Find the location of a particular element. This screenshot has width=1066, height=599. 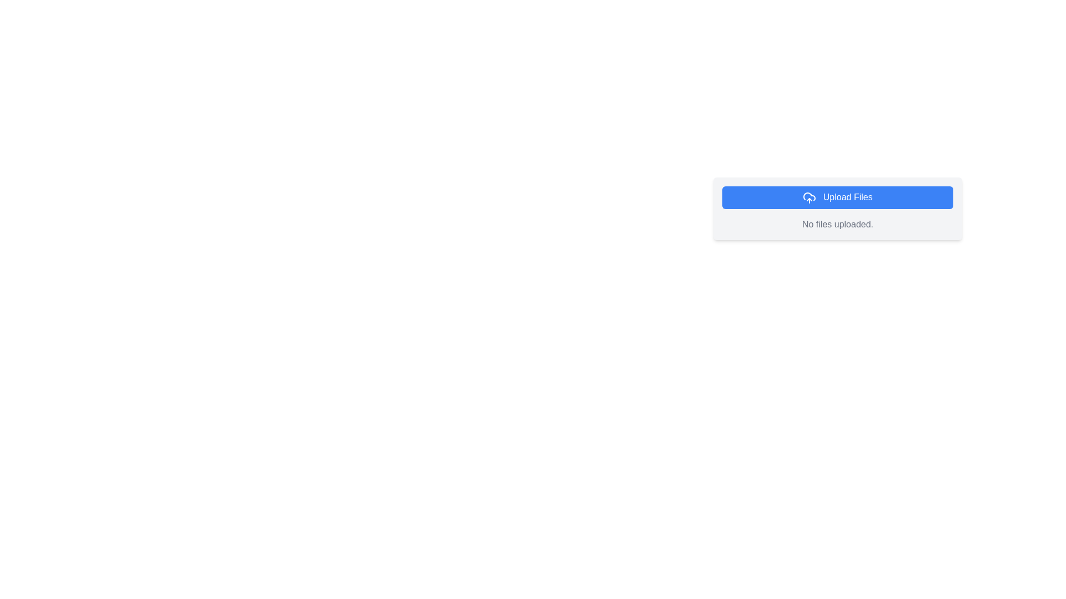

the cloud icon in the 'Upload Files' button, which visually represents the file upload function is located at coordinates (809, 196).